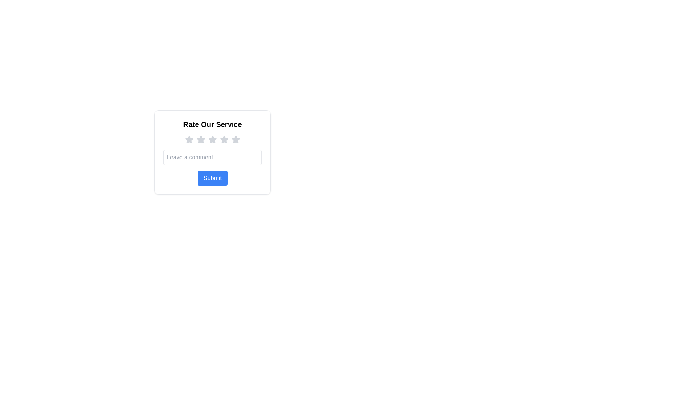  Describe the element at coordinates (212, 140) in the screenshot. I see `across the middle star in the 5-star rating system` at that location.